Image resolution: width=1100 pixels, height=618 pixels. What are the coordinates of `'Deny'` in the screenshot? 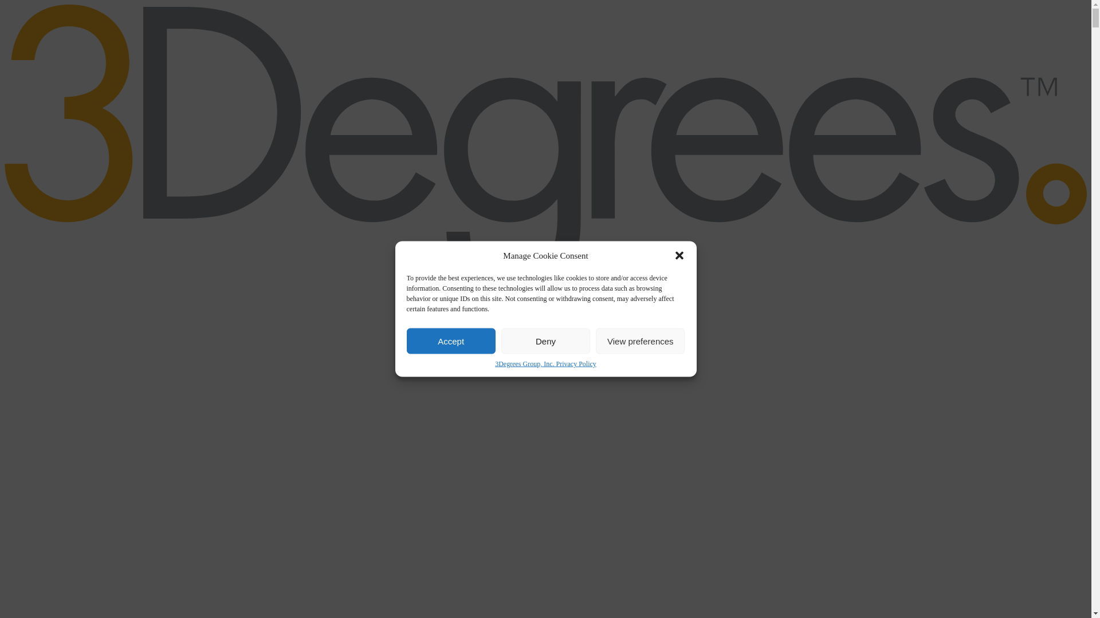 It's located at (545, 340).